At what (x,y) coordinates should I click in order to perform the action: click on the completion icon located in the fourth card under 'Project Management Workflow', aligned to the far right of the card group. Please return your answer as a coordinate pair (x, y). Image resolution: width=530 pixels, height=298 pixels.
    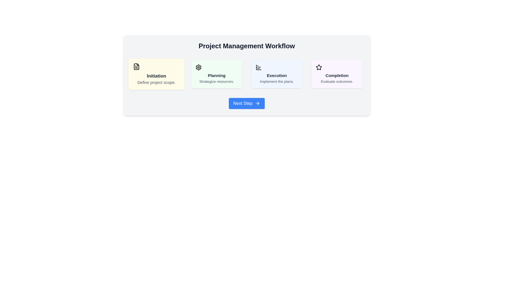
    Looking at the image, I should click on (319, 67).